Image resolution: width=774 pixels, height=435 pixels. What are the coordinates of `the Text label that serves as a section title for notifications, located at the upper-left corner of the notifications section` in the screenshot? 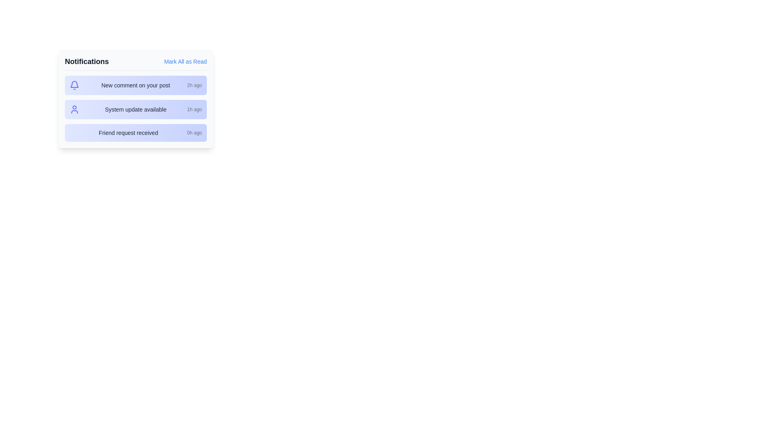 It's located at (87, 61).